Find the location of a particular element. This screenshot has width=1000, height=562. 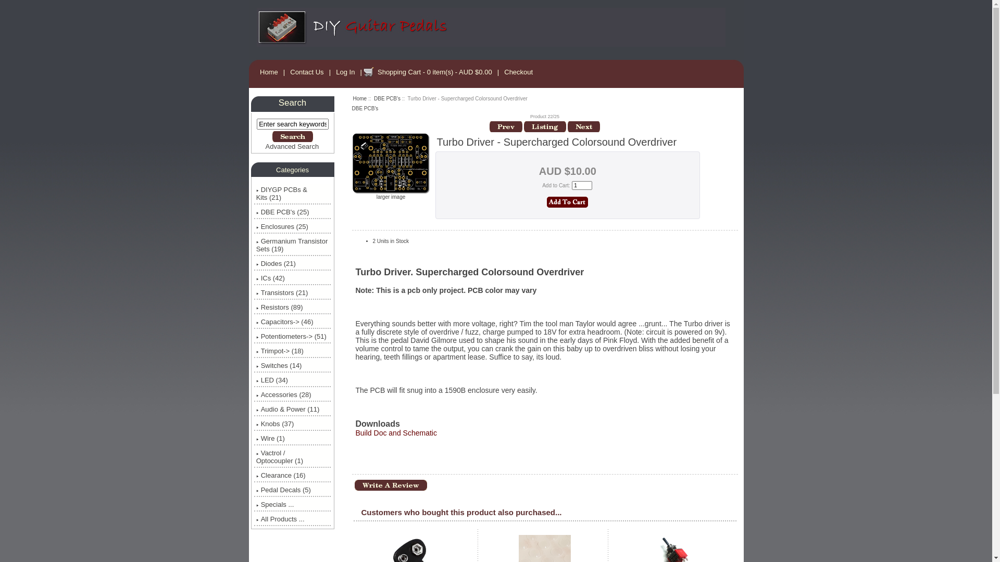

'Trimpot-> (18)' is located at coordinates (292, 351).